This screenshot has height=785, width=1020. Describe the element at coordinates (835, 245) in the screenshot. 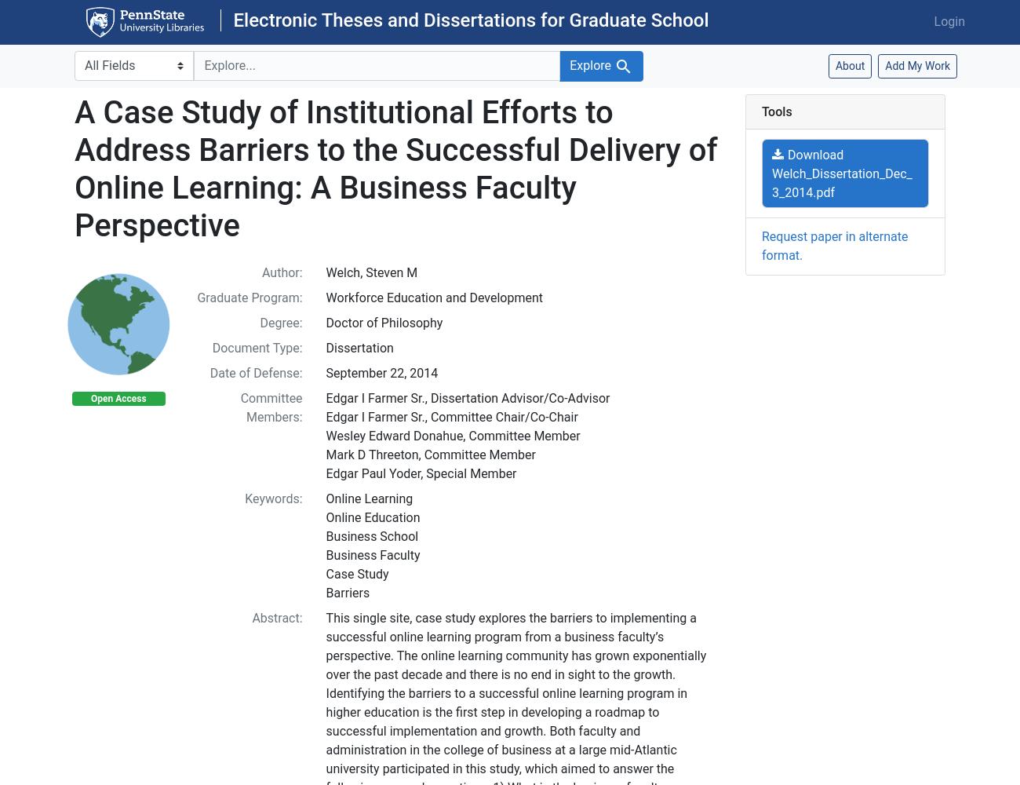

I see `'Request paper in alternate format.'` at that location.